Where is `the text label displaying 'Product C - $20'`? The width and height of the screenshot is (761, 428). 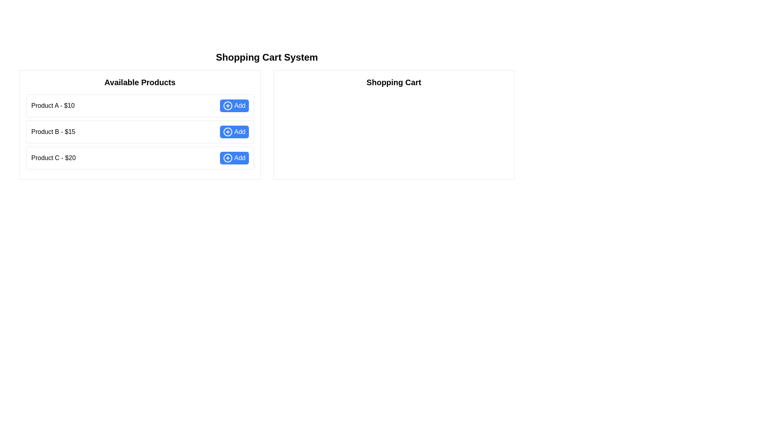 the text label displaying 'Product C - $20' is located at coordinates (53, 158).